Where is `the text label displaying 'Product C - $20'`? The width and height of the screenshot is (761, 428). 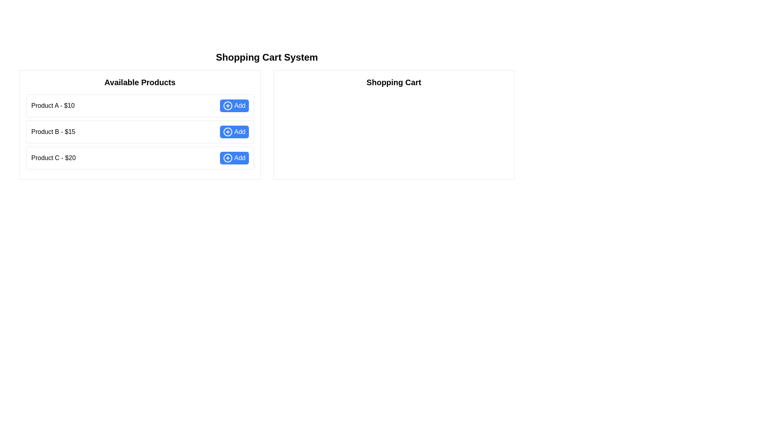 the text label displaying 'Product C - $20' is located at coordinates (53, 158).